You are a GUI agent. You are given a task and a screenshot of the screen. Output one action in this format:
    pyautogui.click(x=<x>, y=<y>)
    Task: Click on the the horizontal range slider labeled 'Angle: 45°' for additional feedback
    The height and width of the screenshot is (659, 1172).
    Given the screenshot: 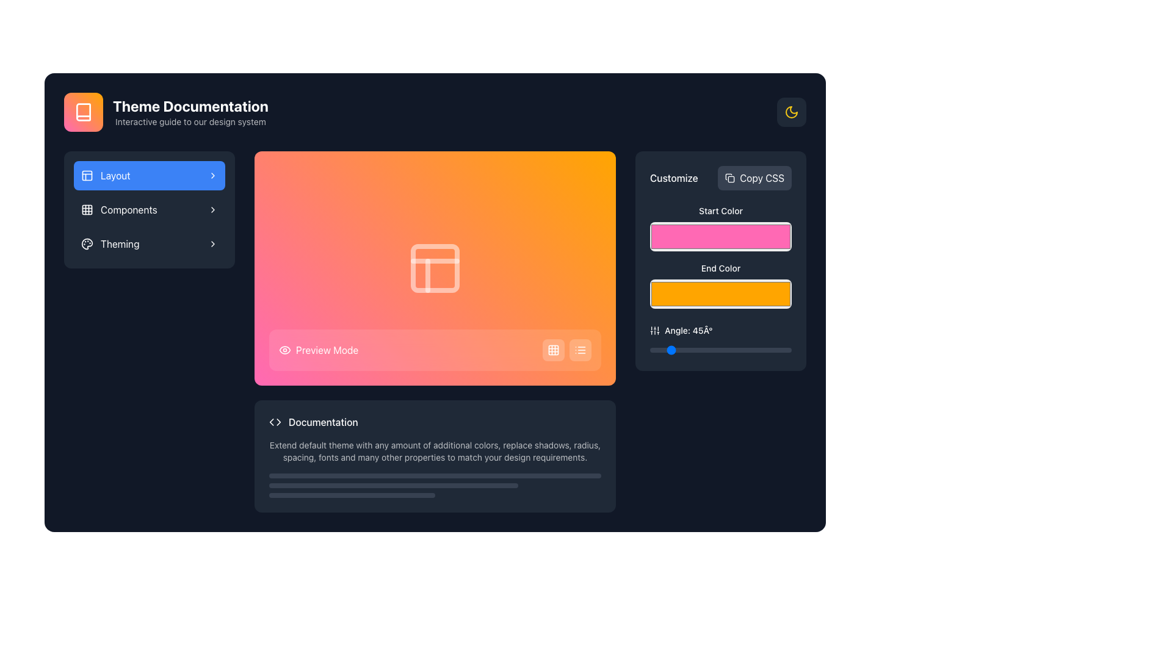 What is the action you would take?
    pyautogui.click(x=720, y=340)
    